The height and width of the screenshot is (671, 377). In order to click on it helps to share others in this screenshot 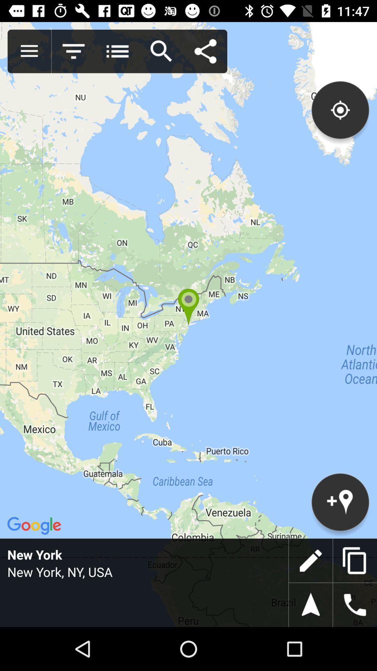, I will do `click(205, 51)`.